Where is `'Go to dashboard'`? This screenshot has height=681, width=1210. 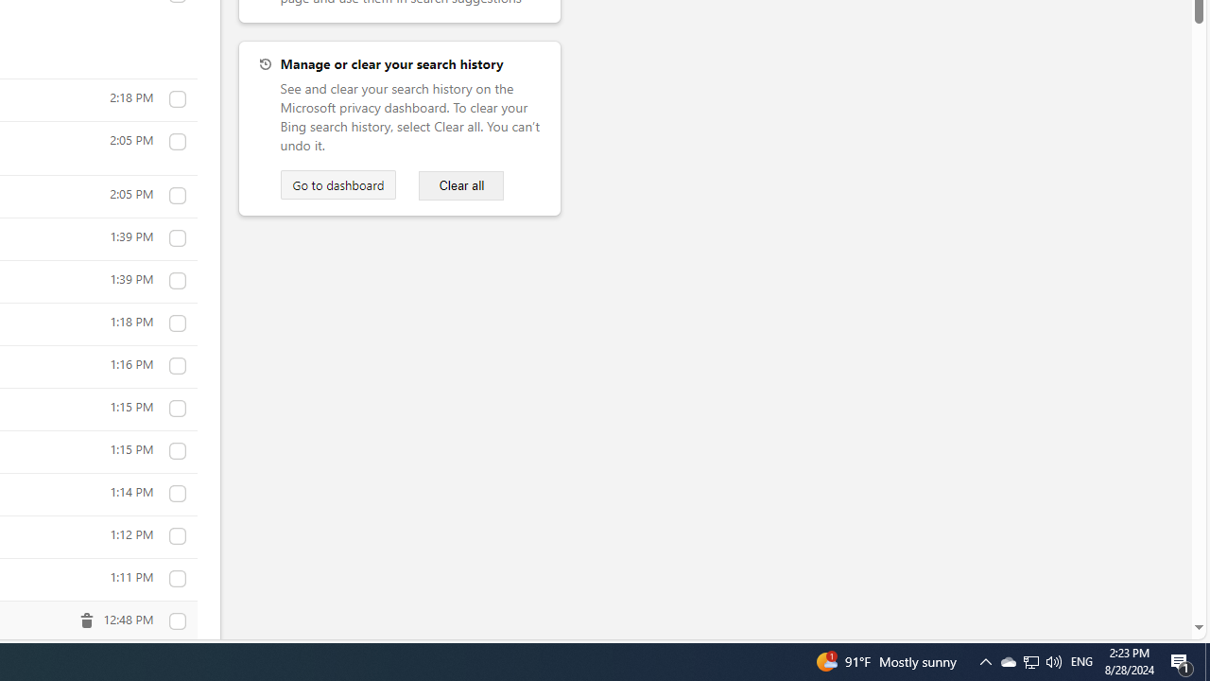 'Go to dashboard' is located at coordinates (337, 184).